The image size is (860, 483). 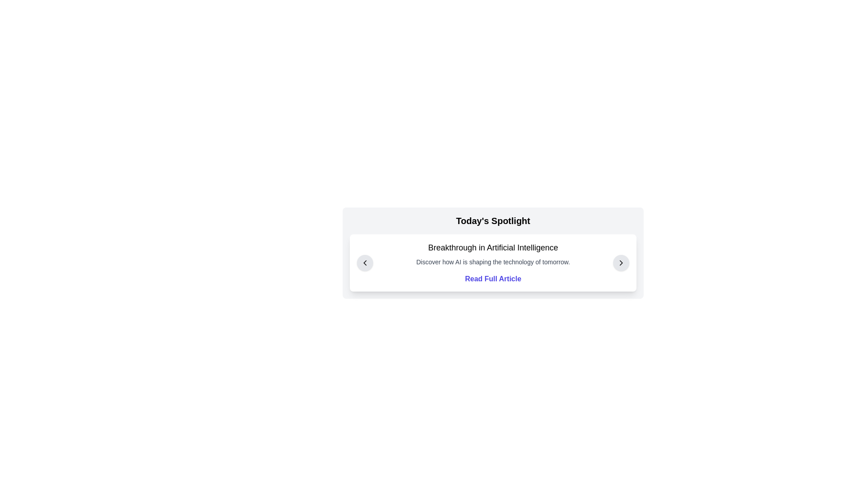 What do you see at coordinates (492, 220) in the screenshot?
I see `the bold heading that states 'Today's Spotlight', which is prominently positioned at the top of a gray background area with rounded corners` at bounding box center [492, 220].